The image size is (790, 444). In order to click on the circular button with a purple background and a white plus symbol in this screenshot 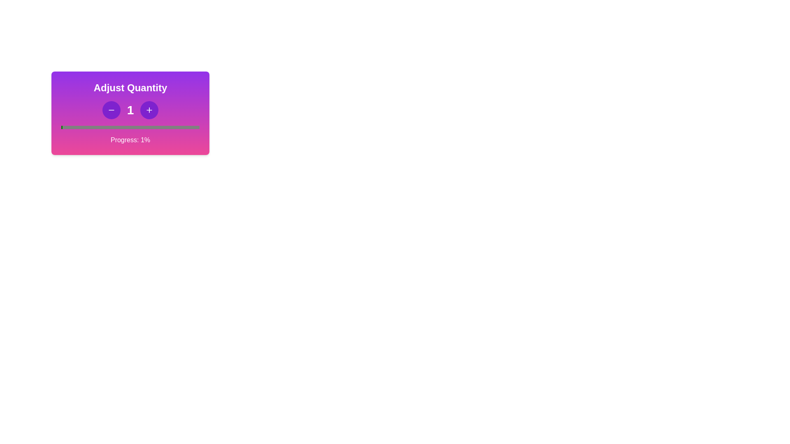, I will do `click(149, 109)`.